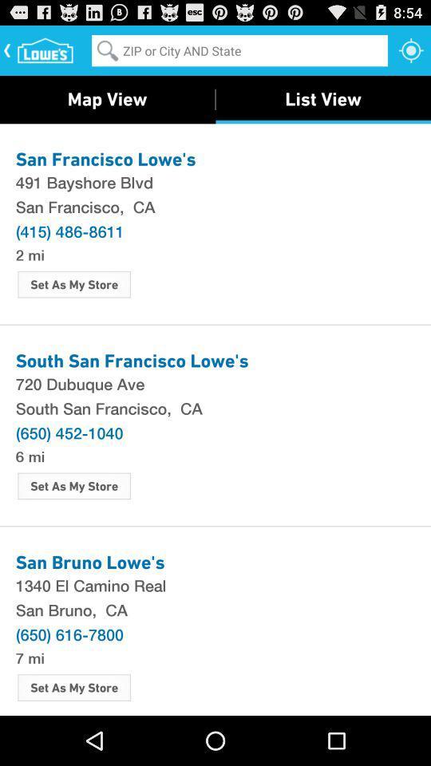 This screenshot has width=431, height=766. I want to click on 7 mi item, so click(30, 657).